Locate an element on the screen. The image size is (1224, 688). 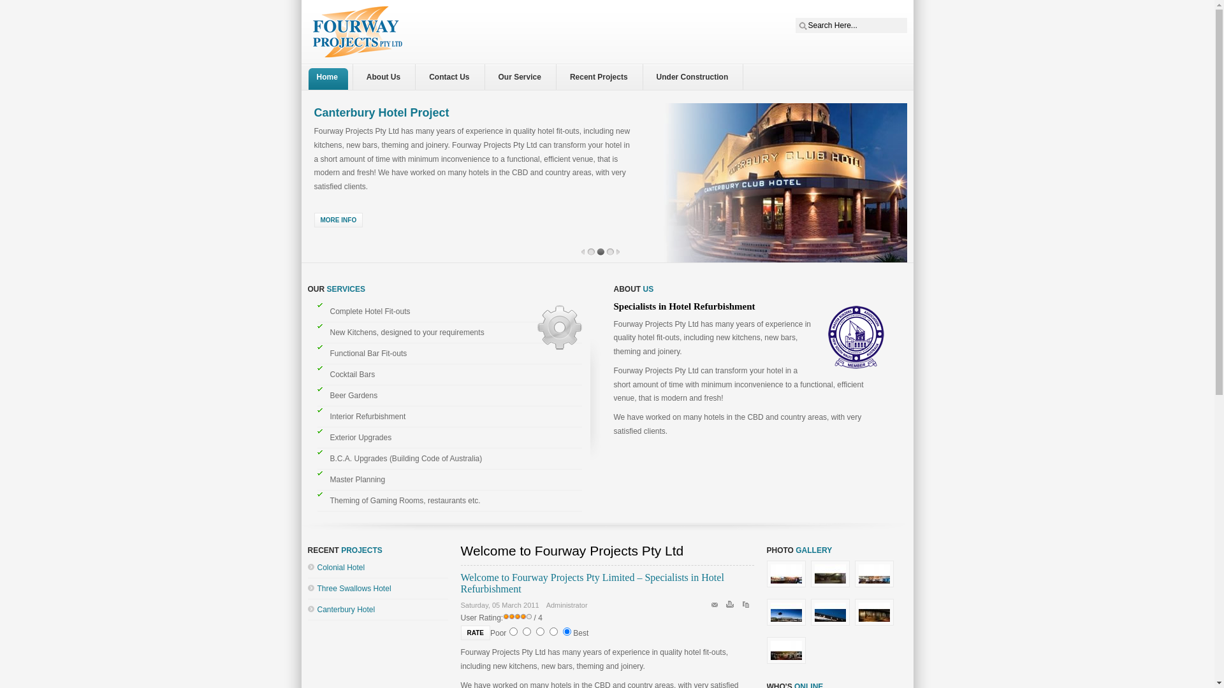
'Canterbury Hotel' is located at coordinates (346, 608).